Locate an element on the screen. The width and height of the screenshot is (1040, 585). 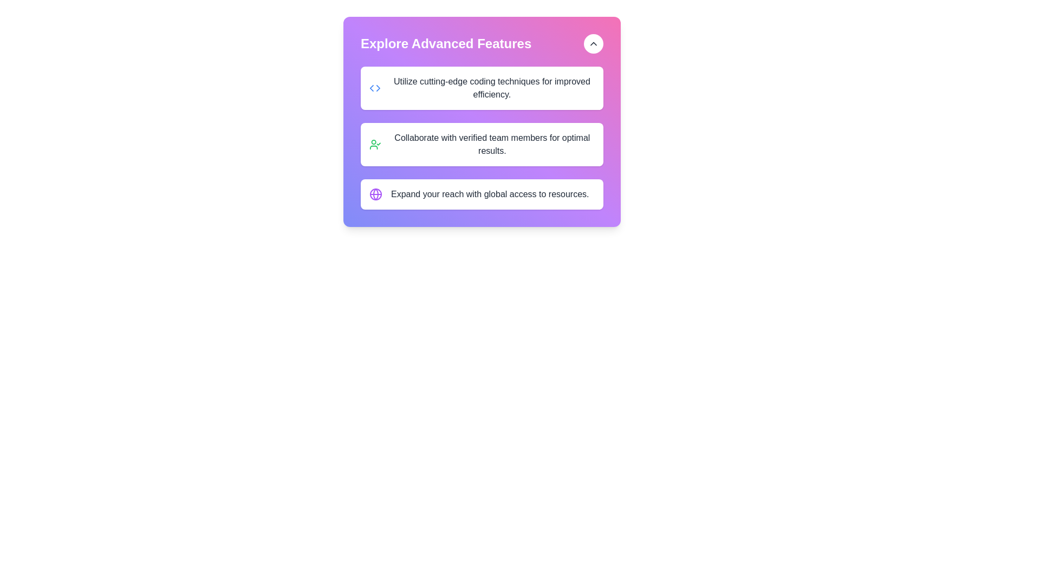
the text label that reads 'Collaborate with verified team members for optimal results.' which is styled in a clean, modern font and is positioned in a vertical list of features under 'Explore Advanced Features' is located at coordinates (491, 144).